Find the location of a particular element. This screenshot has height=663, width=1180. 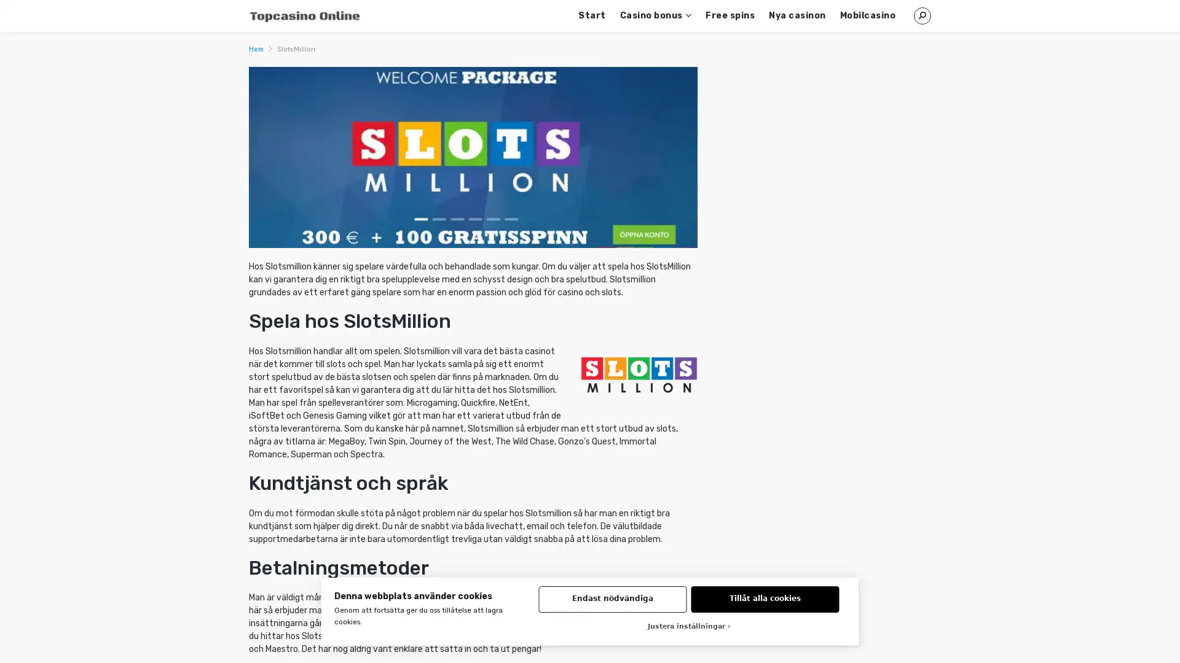

Tillat alla cookies is located at coordinates (764, 598).